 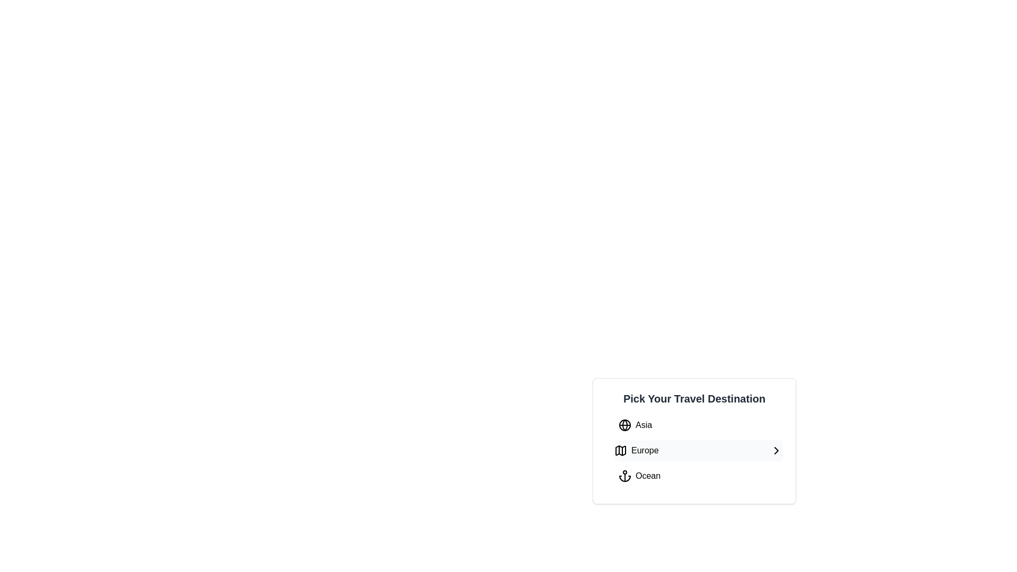 I want to click on the Europe icon in the travel destination selection menu, located directly left of the 'Europe' text, so click(x=620, y=451).